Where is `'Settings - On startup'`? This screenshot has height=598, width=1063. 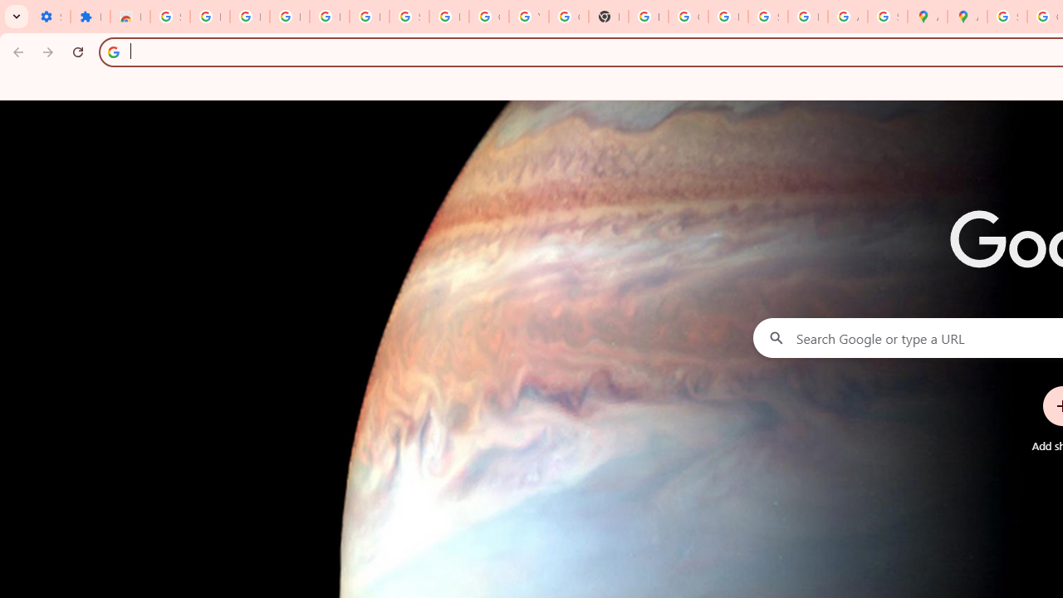
'Settings - On startup' is located at coordinates (50, 17).